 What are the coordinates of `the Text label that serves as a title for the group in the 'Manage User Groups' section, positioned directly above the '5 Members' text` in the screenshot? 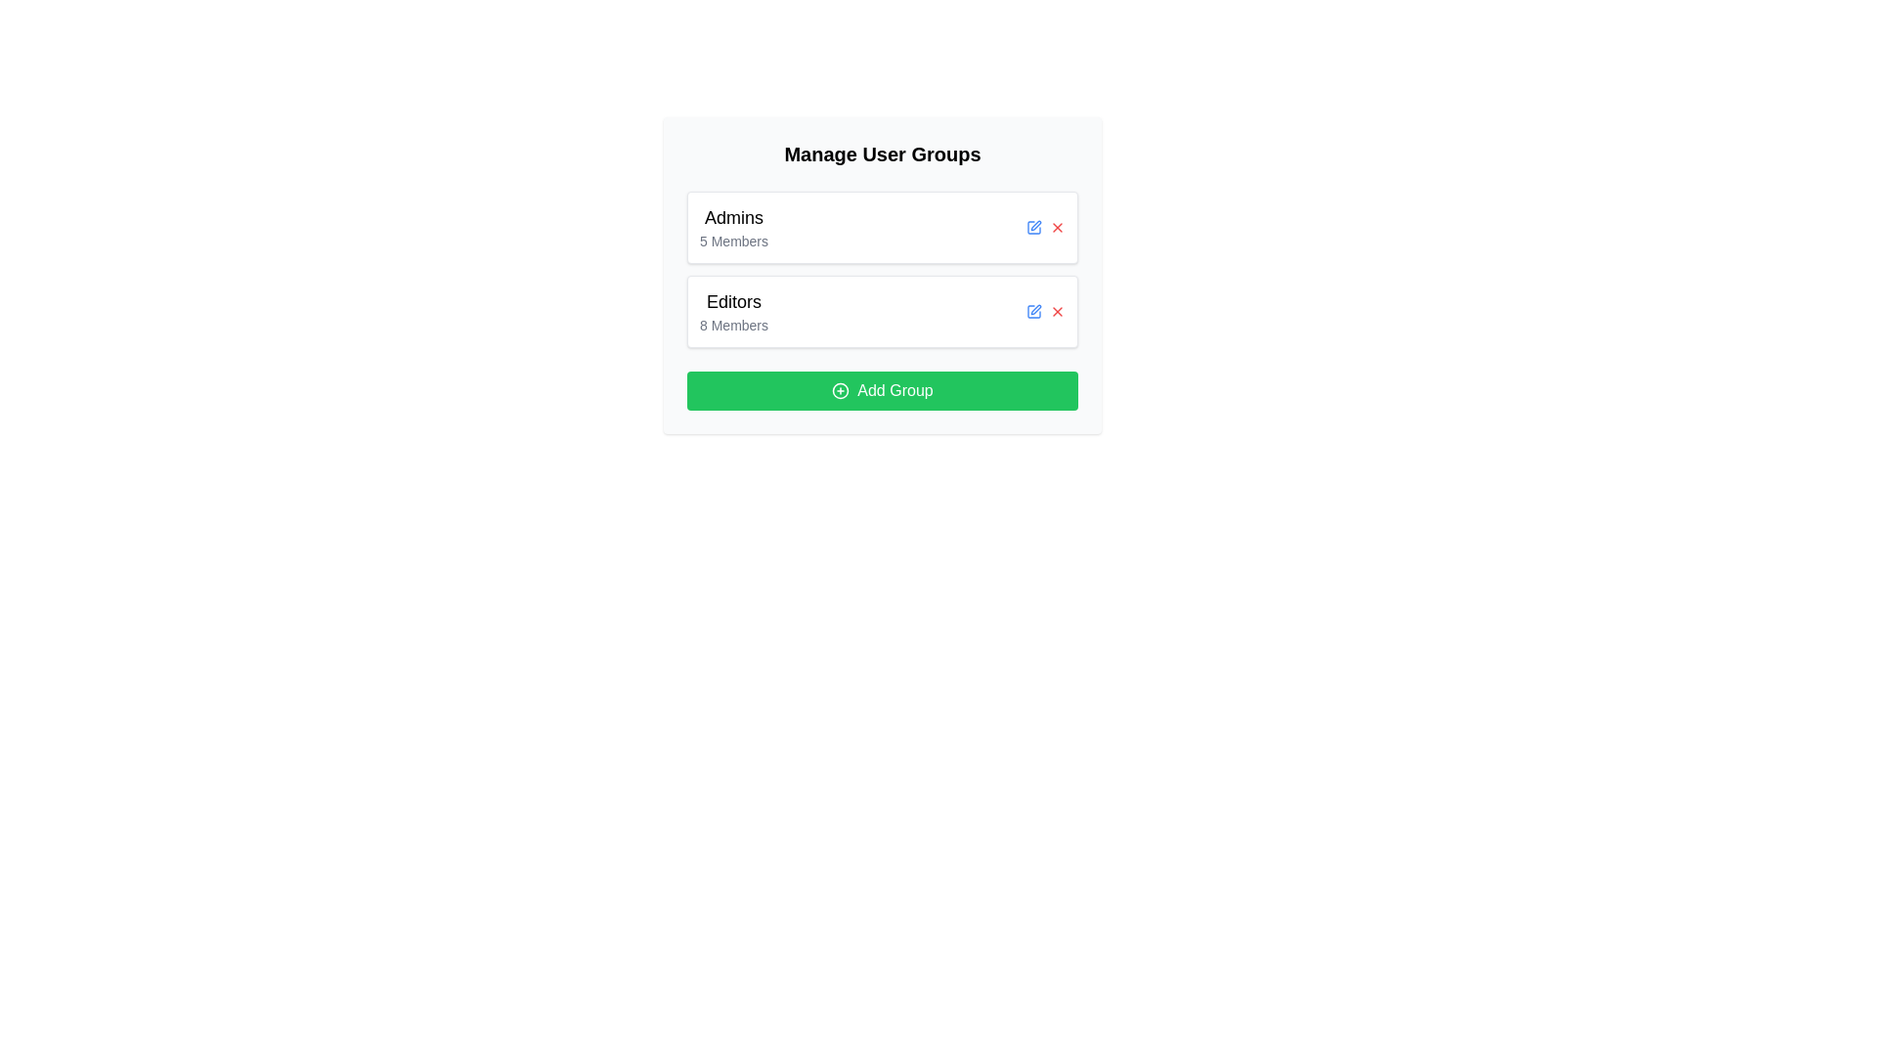 It's located at (733, 218).